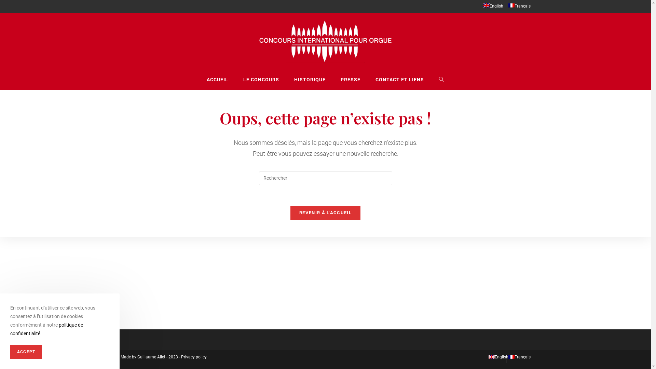 Image resolution: width=656 pixels, height=369 pixels. What do you see at coordinates (483, 6) in the screenshot?
I see `'English'` at bounding box center [483, 6].